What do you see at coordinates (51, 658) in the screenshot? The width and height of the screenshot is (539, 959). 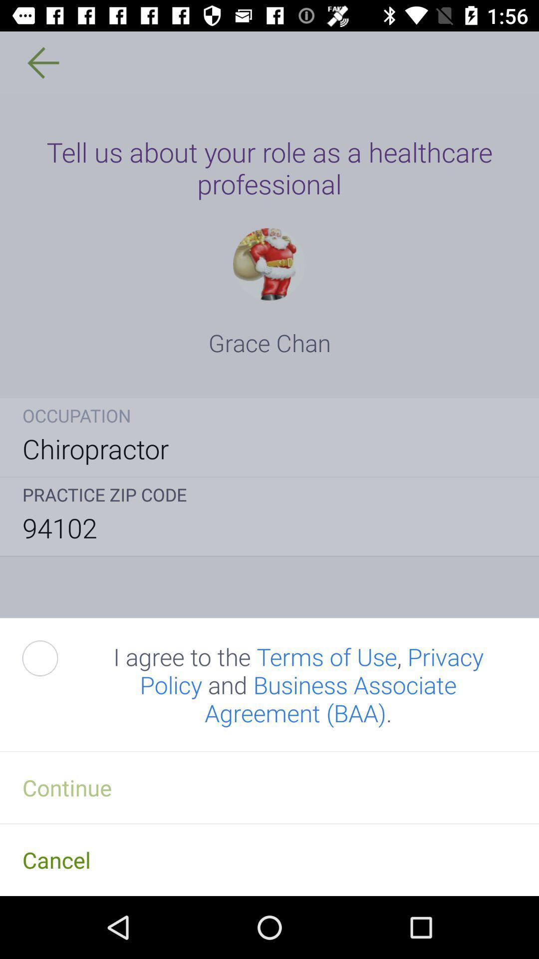 I see `the icon above the continue item` at bounding box center [51, 658].